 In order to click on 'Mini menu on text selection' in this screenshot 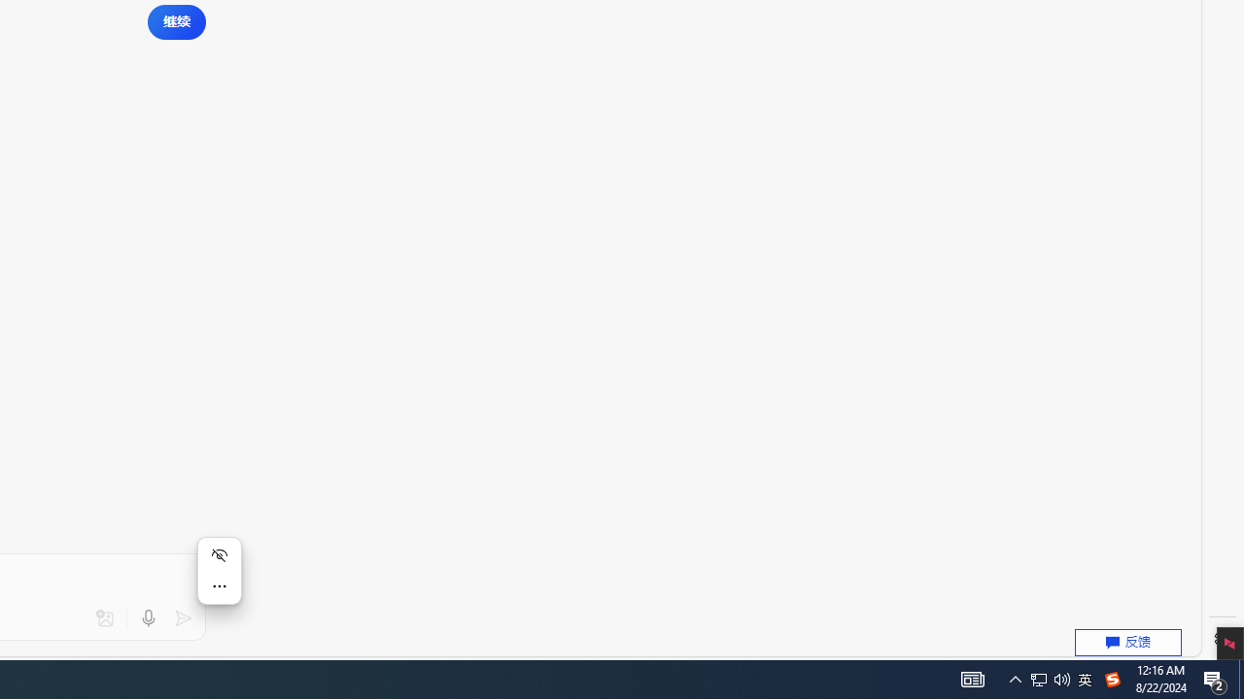, I will do `click(219, 582)`.